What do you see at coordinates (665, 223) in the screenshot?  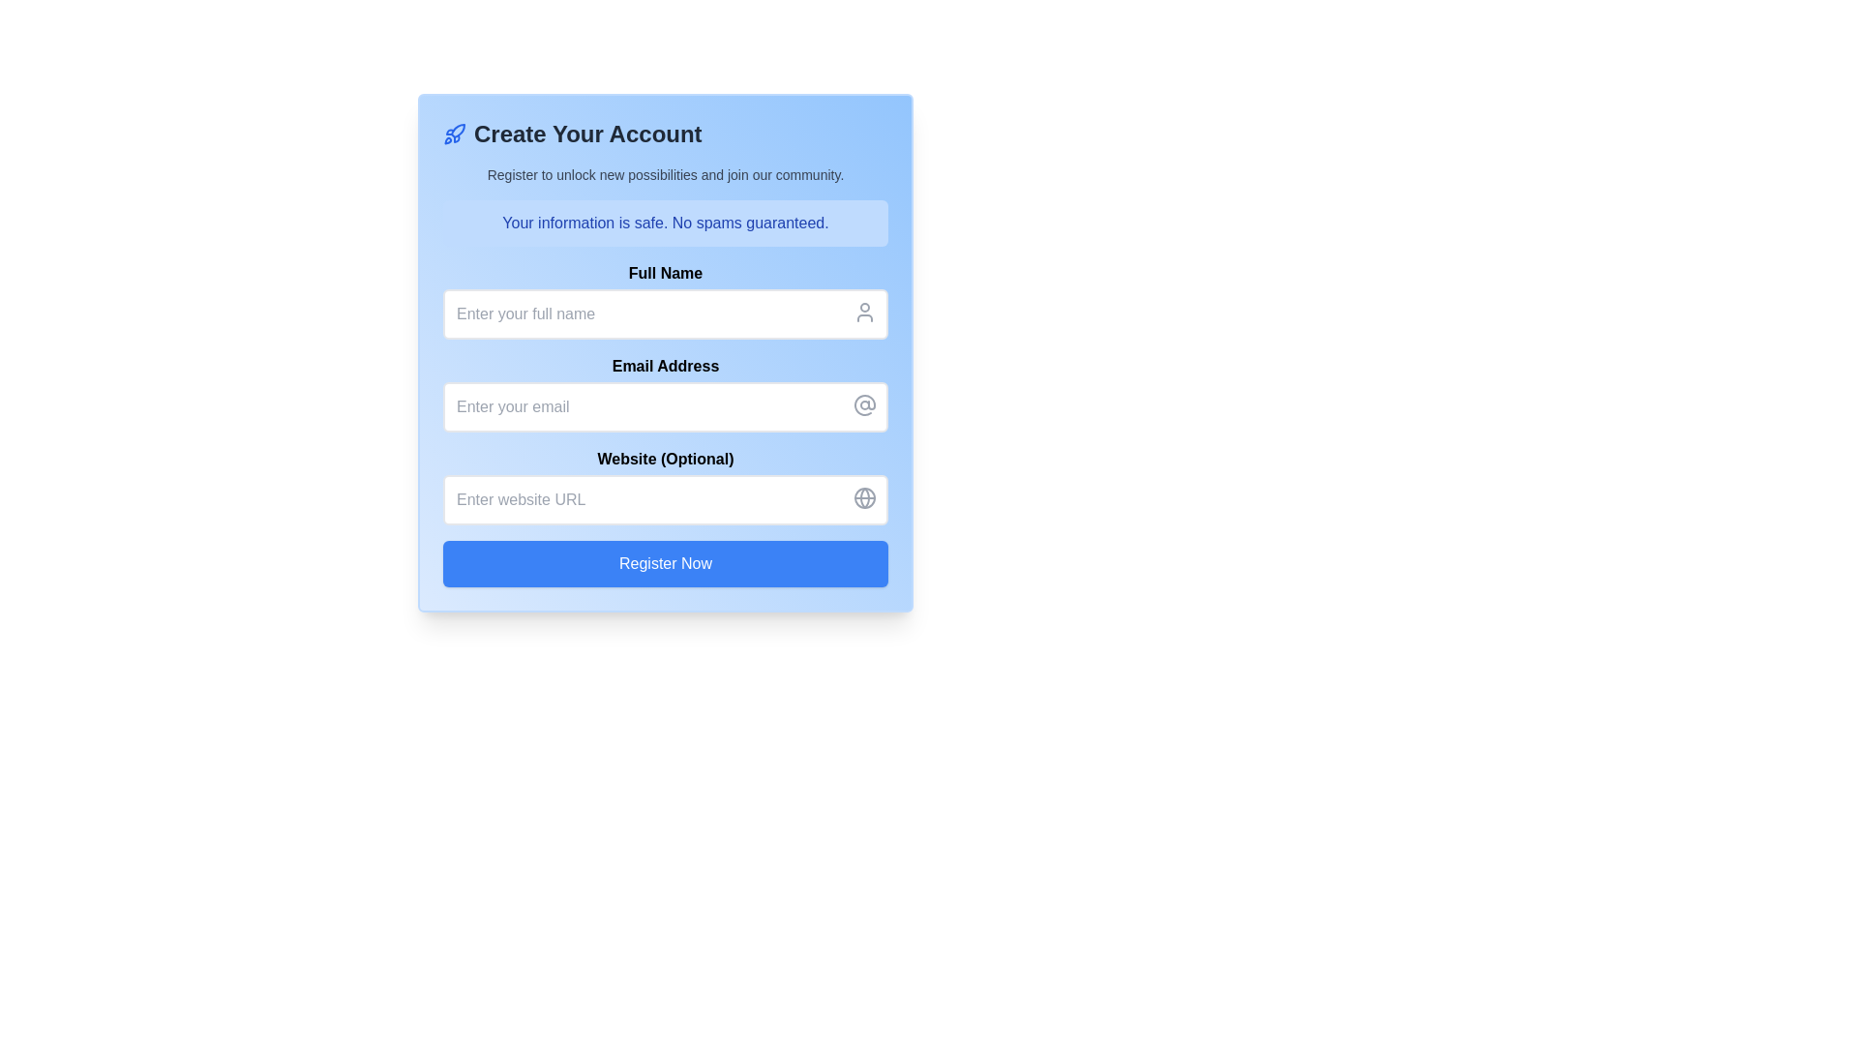 I see `the text label that assures users about the security and privacy of their information, located below the header in the registration form` at bounding box center [665, 223].